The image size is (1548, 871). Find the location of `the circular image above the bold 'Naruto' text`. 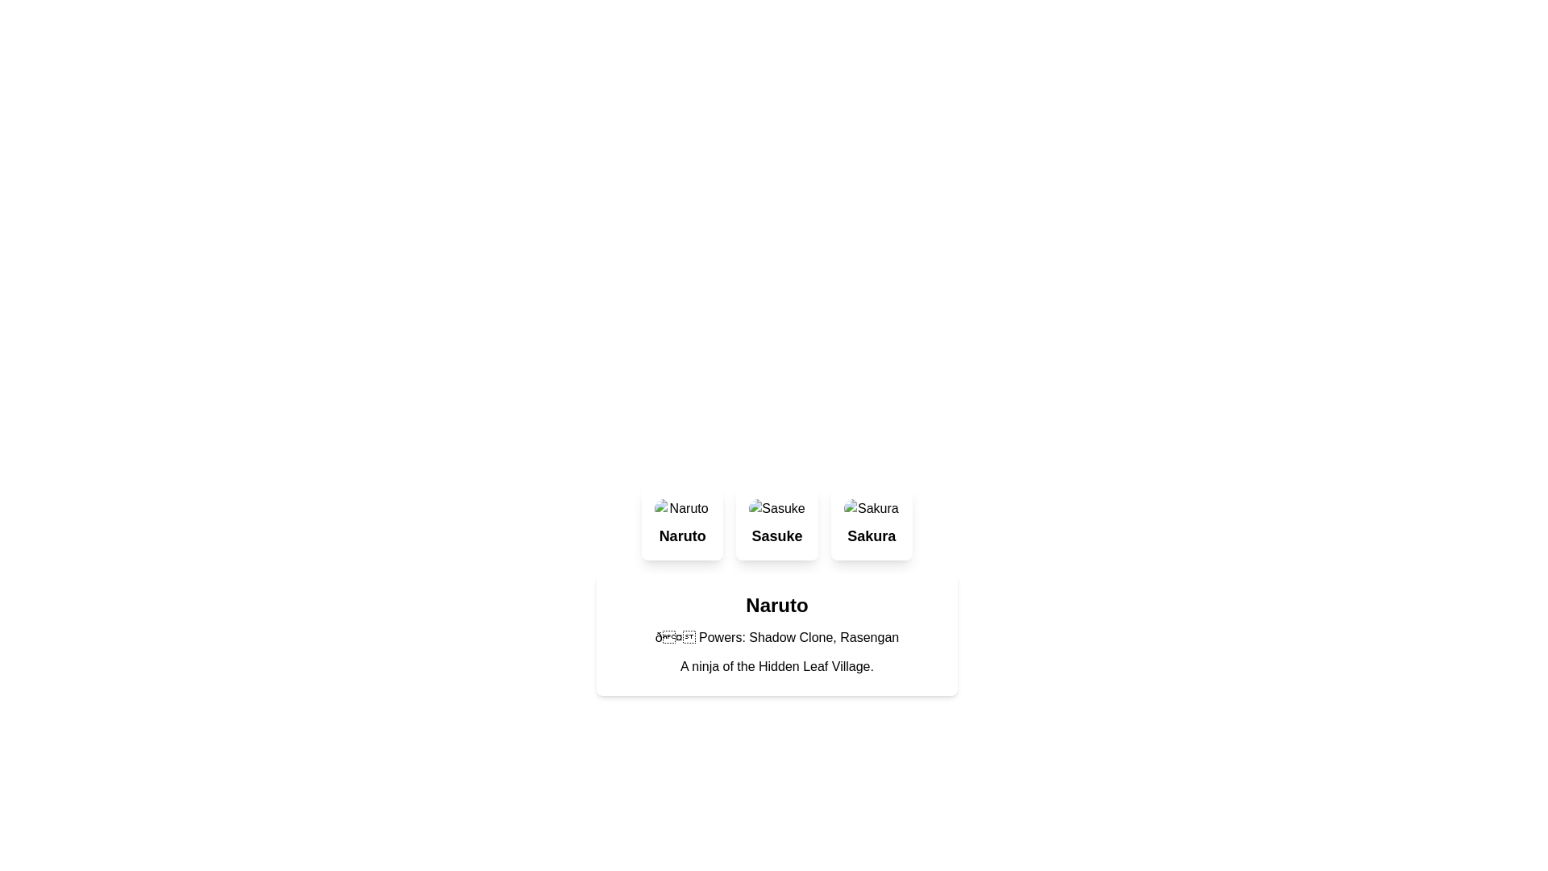

the circular image above the bold 'Naruto' text is located at coordinates (682, 509).